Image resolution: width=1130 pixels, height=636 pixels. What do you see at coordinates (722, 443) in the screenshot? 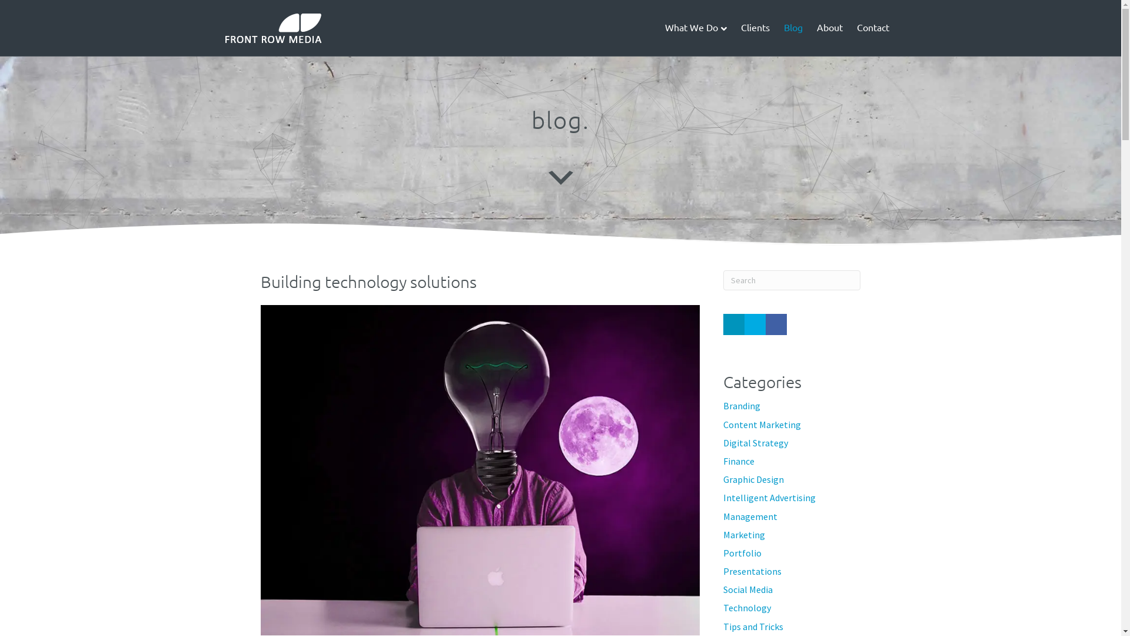
I see `'Digital Strategy'` at bounding box center [722, 443].